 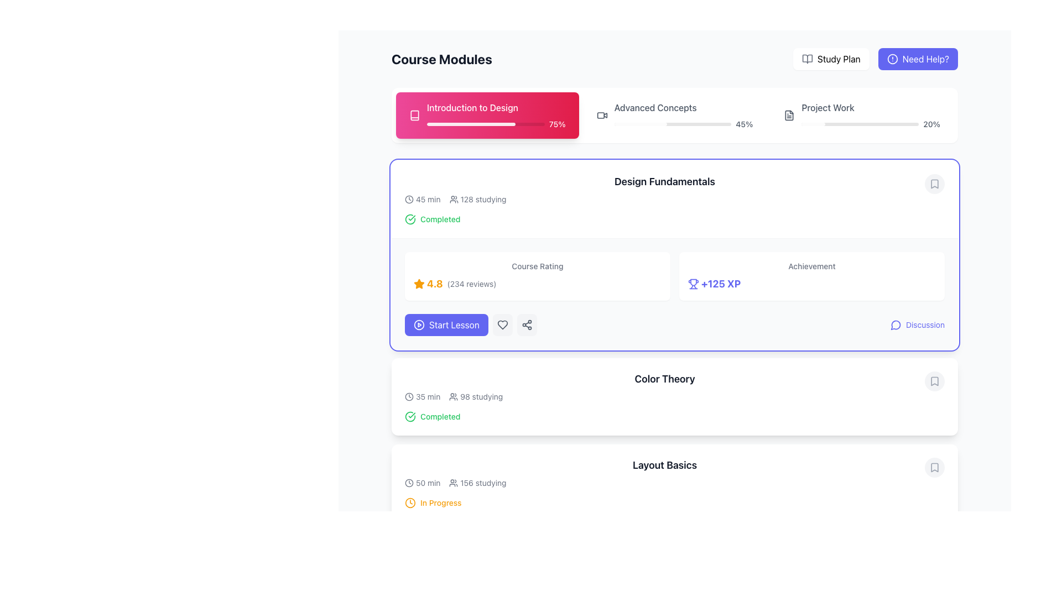 What do you see at coordinates (664, 379) in the screenshot?
I see `the bold, large font text 'Color Theory' displayed in dark gray or black` at bounding box center [664, 379].